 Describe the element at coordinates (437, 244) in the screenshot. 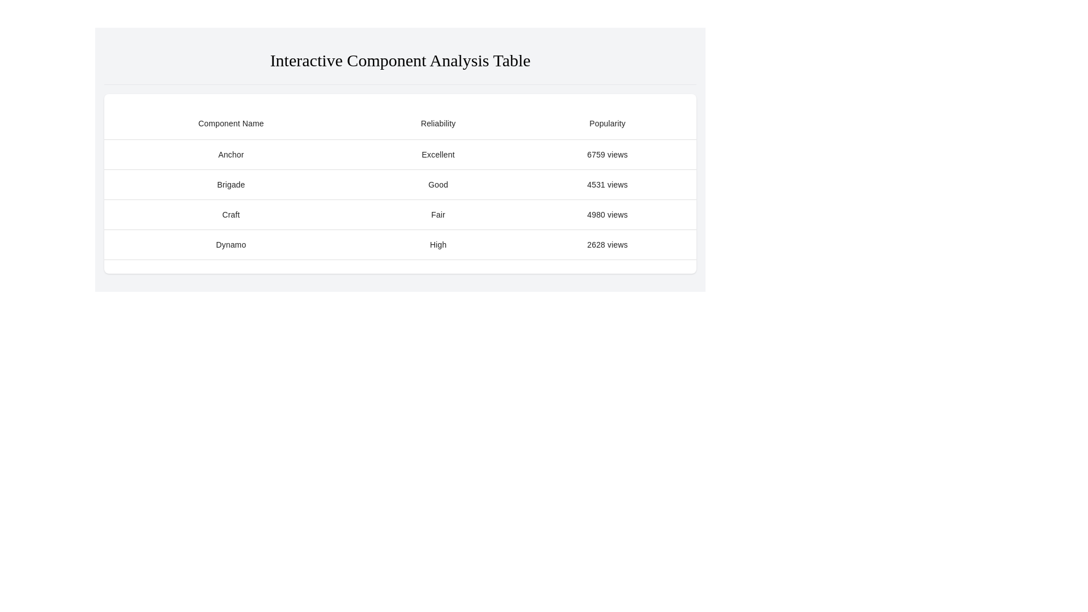

I see `the static text display showing the reliability level 'High' for the Dynamo component in the fourth row of the table` at that location.